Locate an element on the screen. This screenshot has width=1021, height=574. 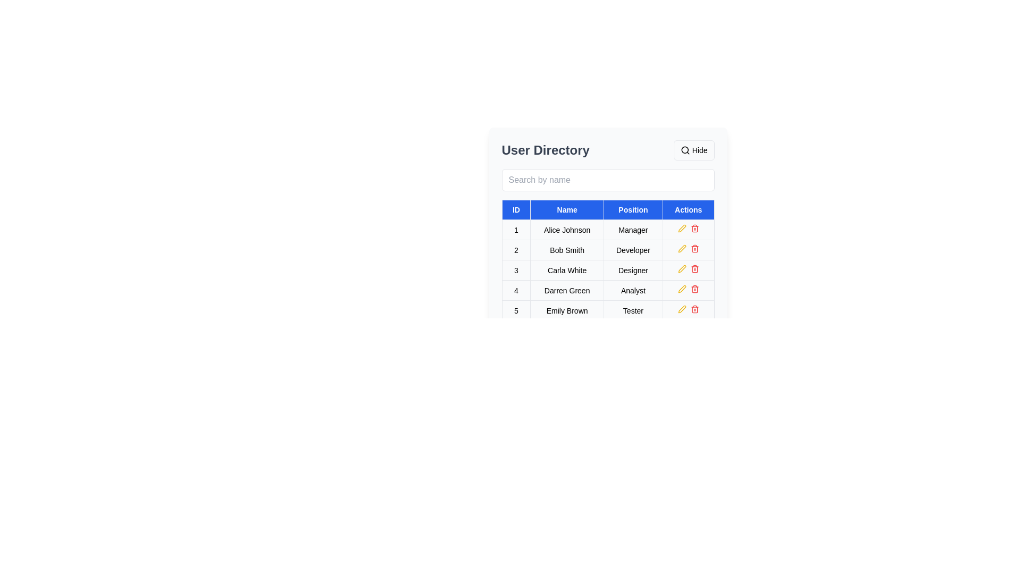
the table header cell with a blue background and white text reading 'Actions', located at the top-right corner of the table layout is located at coordinates (688, 209).